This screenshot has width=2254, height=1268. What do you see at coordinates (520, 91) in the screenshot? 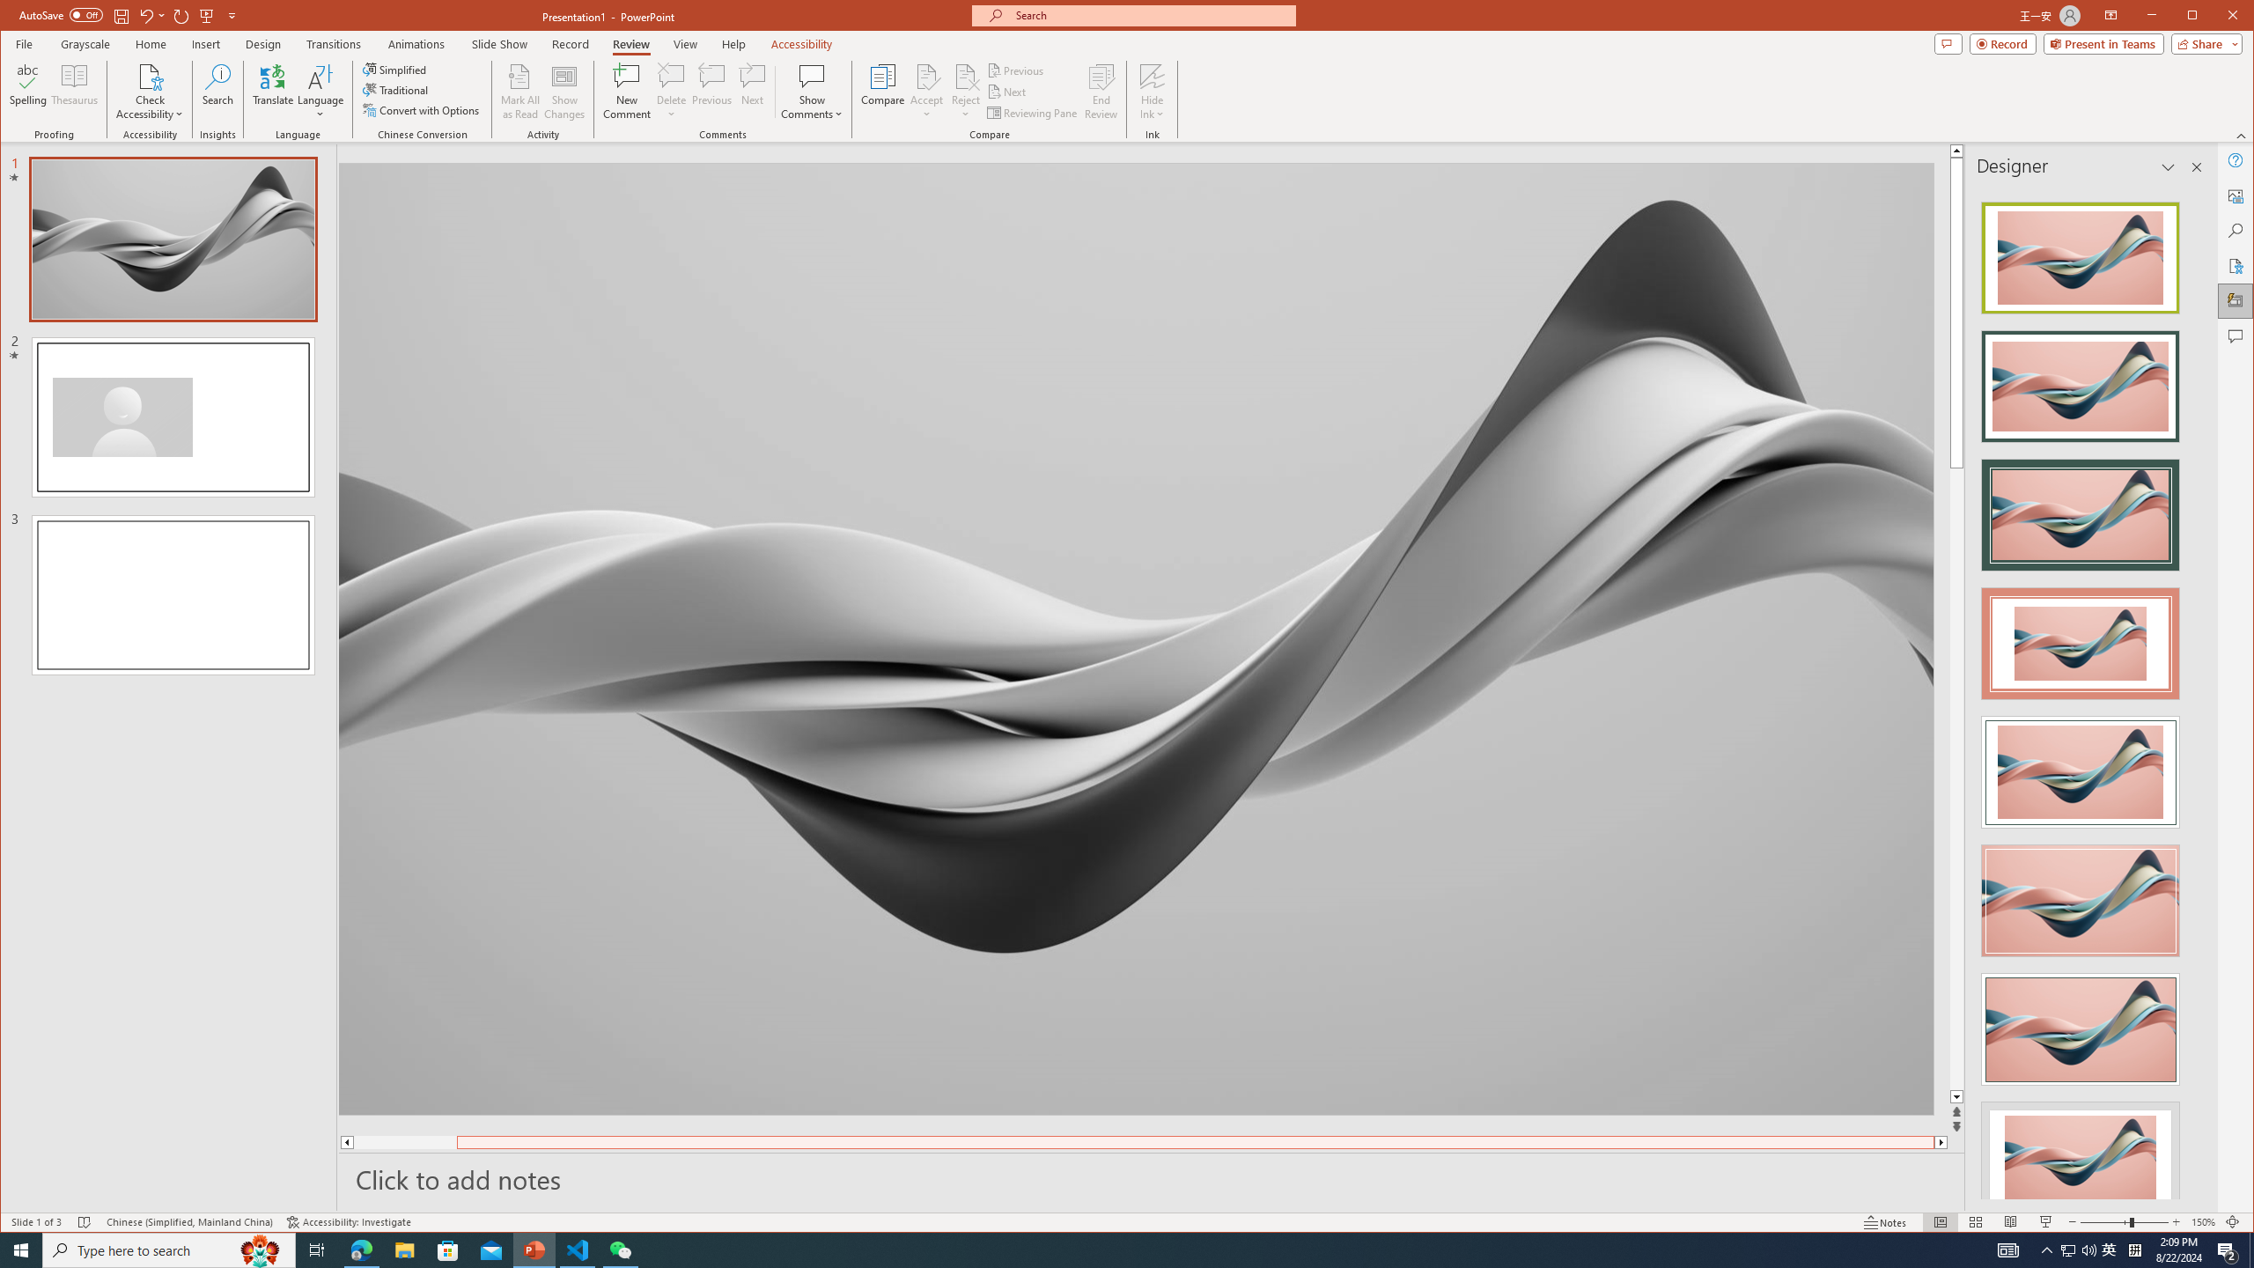
I see `'Mark All as Read'` at bounding box center [520, 91].